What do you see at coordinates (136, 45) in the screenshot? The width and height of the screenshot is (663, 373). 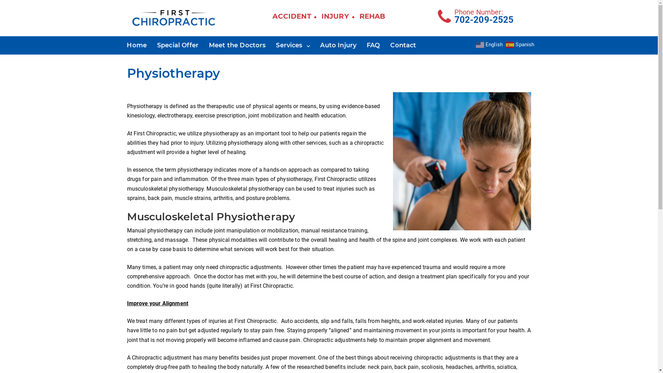 I see `'Home'` at bounding box center [136, 45].